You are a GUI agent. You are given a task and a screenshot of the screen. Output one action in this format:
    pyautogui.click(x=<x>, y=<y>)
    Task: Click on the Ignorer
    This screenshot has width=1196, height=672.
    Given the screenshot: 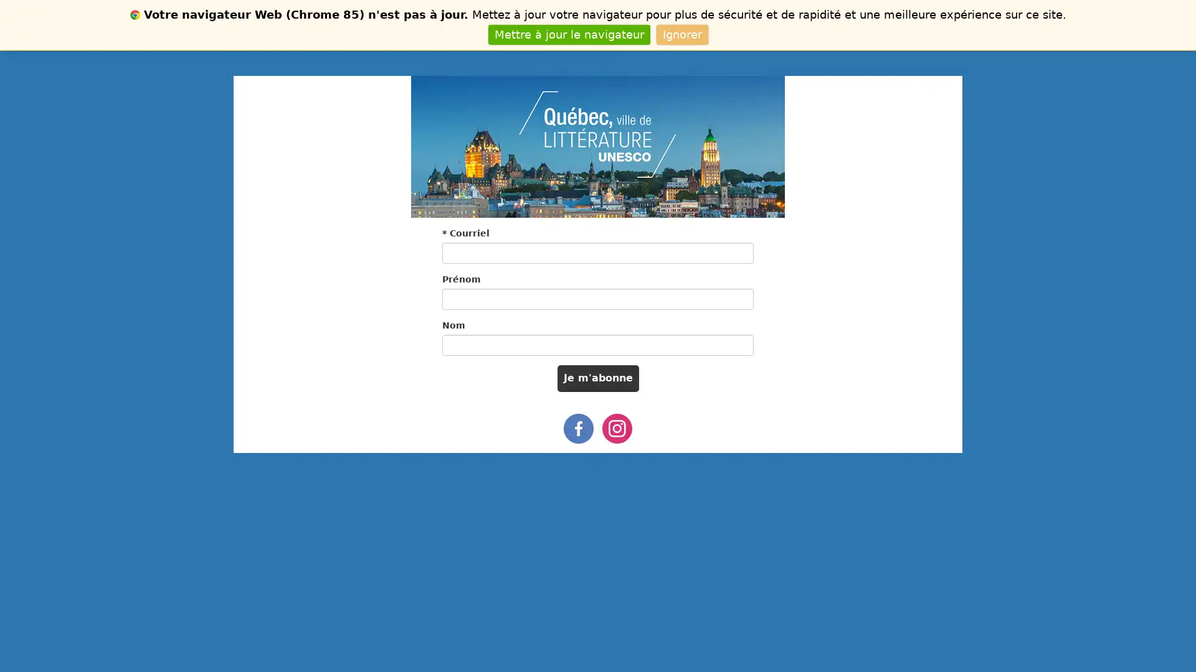 What is the action you would take?
    pyautogui.click(x=681, y=34)
    